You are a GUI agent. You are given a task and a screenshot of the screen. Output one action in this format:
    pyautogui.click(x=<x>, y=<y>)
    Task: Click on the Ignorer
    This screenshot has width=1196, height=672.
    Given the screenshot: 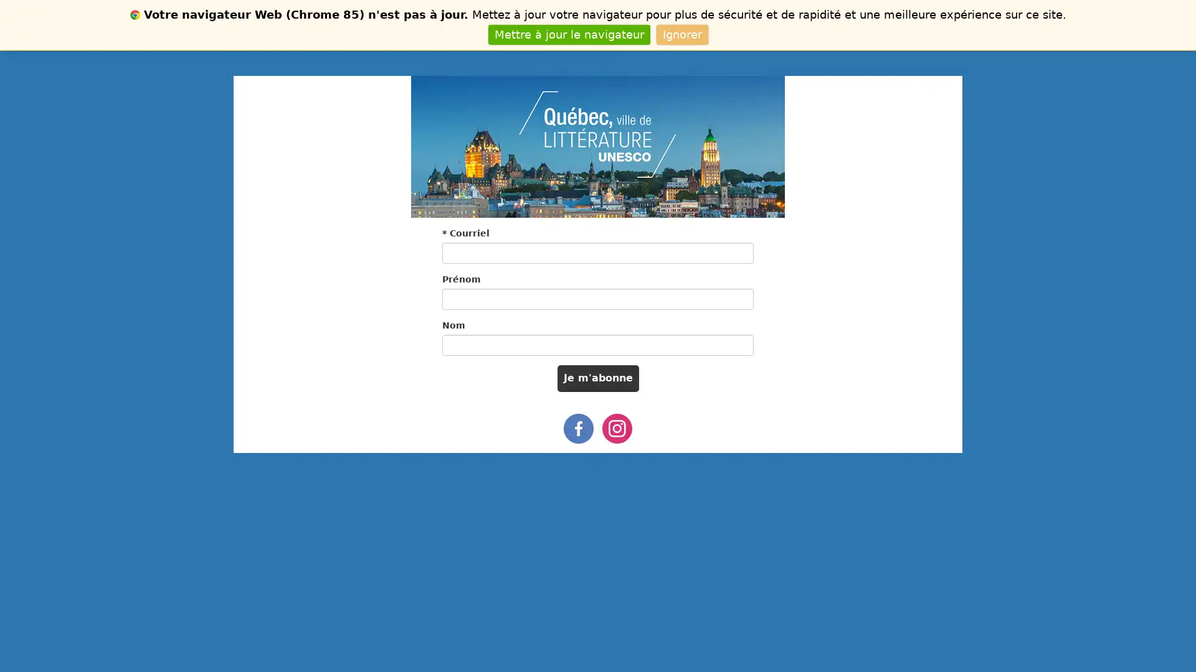 What is the action you would take?
    pyautogui.click(x=681, y=34)
    